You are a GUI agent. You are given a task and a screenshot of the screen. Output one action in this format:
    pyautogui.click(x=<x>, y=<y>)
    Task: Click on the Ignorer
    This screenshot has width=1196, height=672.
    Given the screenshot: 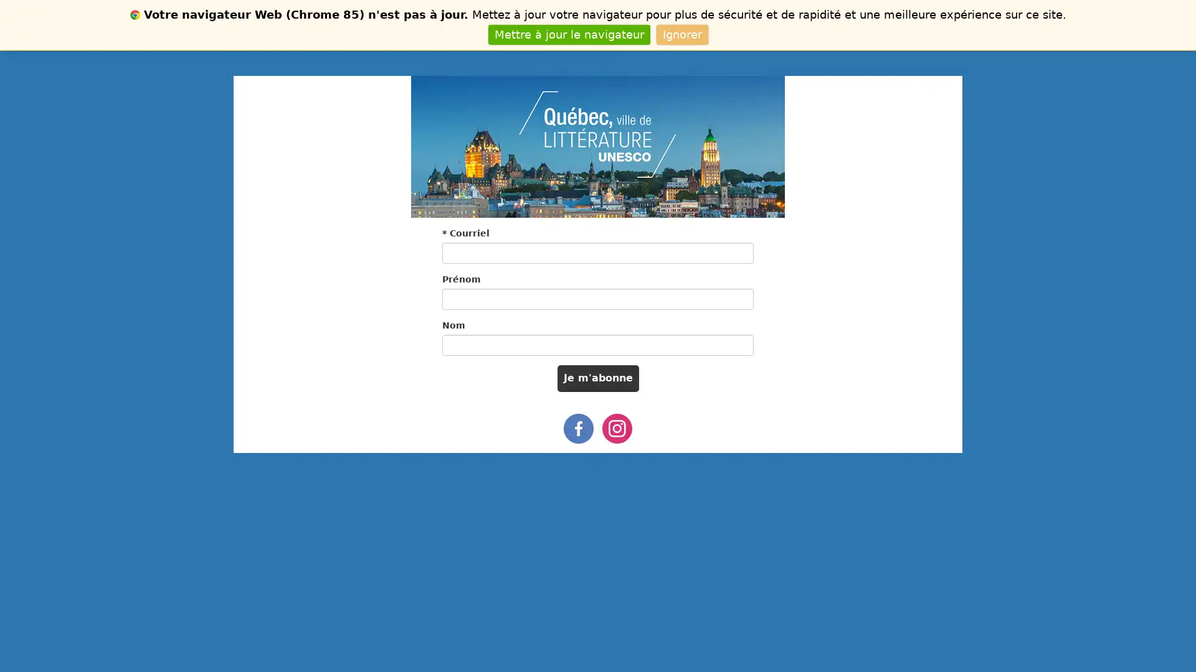 What is the action you would take?
    pyautogui.click(x=681, y=34)
    